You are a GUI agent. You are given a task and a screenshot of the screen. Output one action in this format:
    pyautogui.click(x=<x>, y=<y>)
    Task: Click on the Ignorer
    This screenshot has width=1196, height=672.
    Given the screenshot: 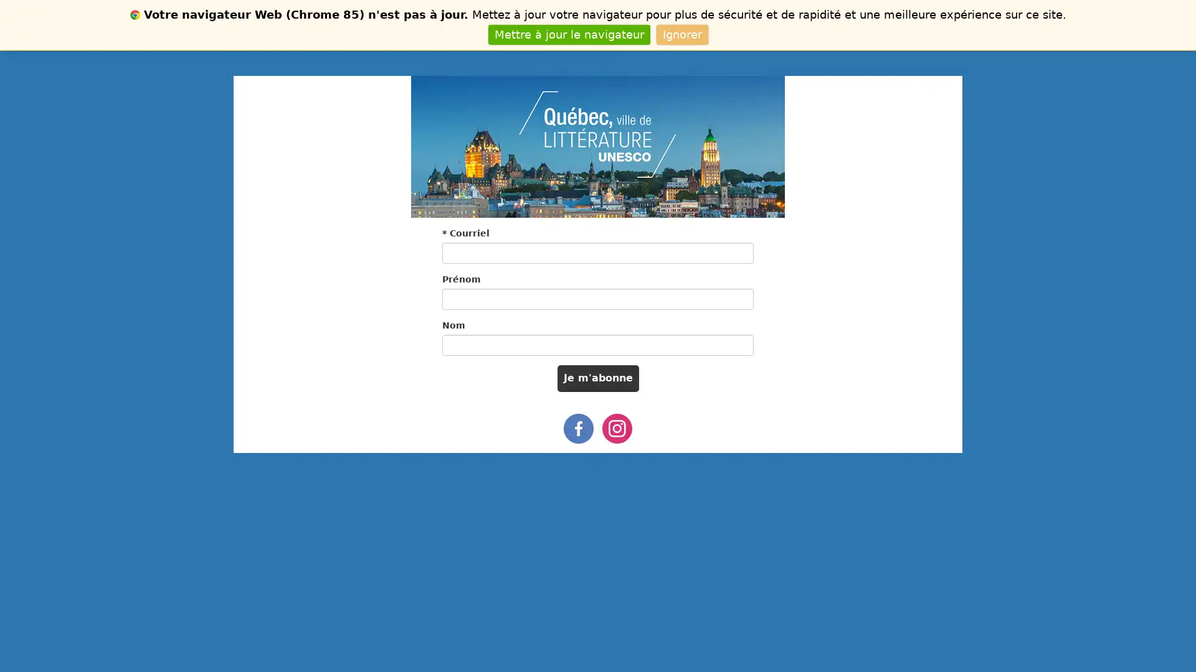 What is the action you would take?
    pyautogui.click(x=681, y=34)
    